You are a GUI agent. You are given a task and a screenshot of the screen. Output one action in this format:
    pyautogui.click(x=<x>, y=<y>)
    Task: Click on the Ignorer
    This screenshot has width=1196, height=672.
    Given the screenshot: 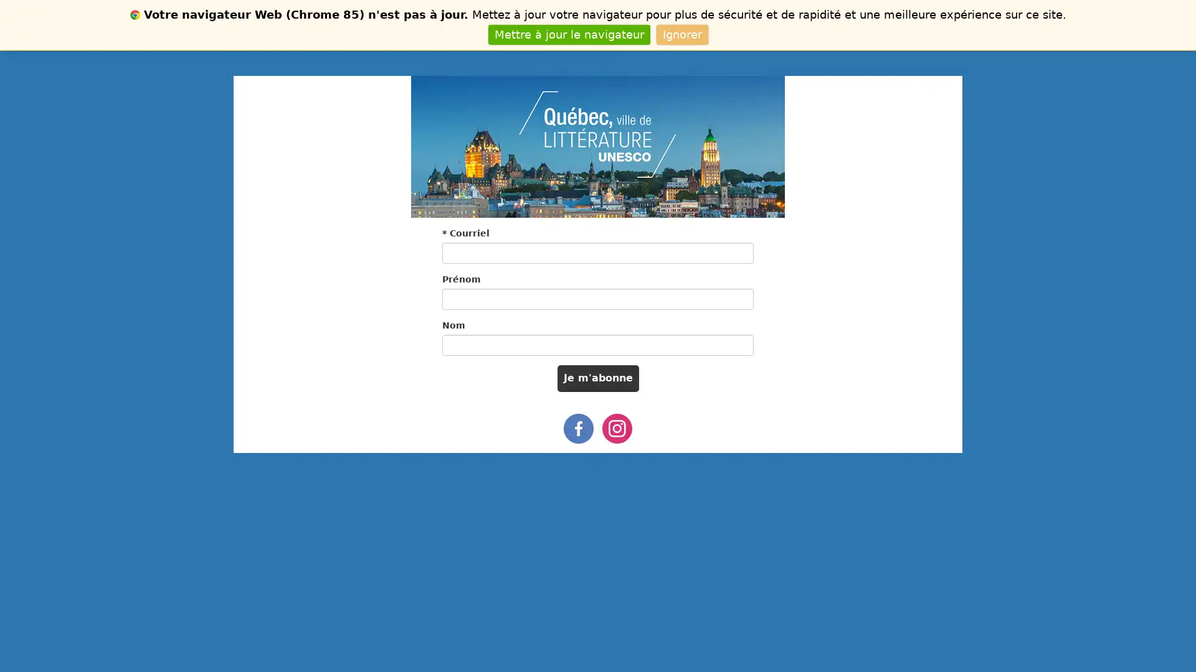 What is the action you would take?
    pyautogui.click(x=681, y=34)
    